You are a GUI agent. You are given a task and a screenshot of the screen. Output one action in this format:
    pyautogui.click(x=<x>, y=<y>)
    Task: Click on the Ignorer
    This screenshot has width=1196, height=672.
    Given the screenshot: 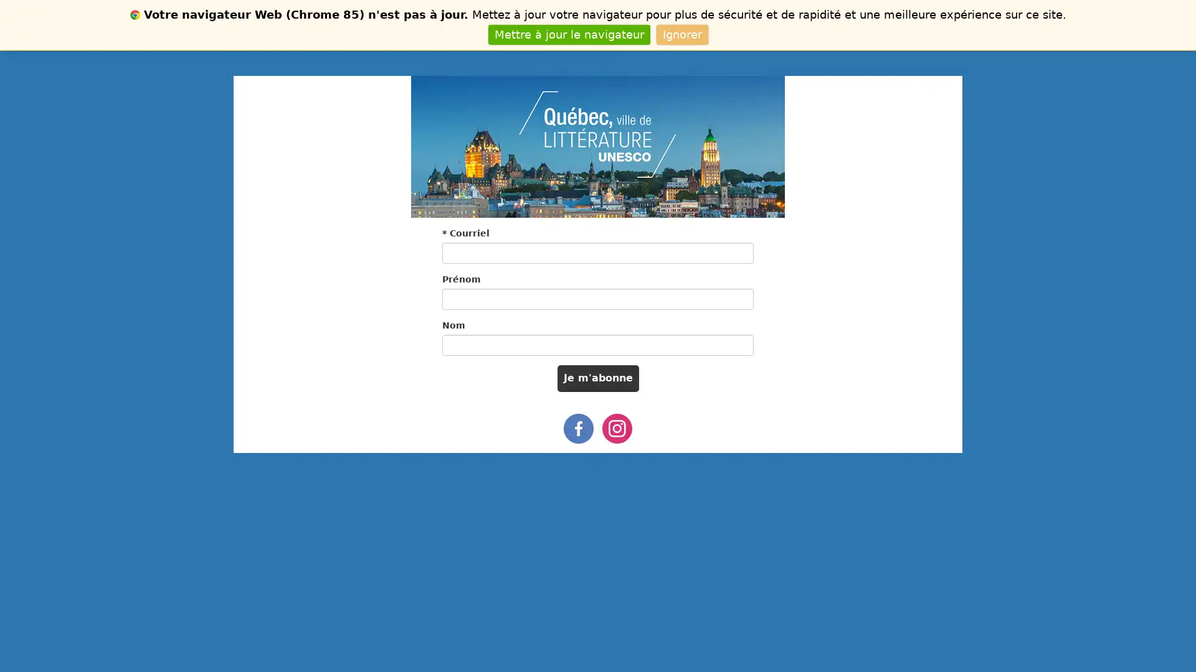 What is the action you would take?
    pyautogui.click(x=681, y=34)
    